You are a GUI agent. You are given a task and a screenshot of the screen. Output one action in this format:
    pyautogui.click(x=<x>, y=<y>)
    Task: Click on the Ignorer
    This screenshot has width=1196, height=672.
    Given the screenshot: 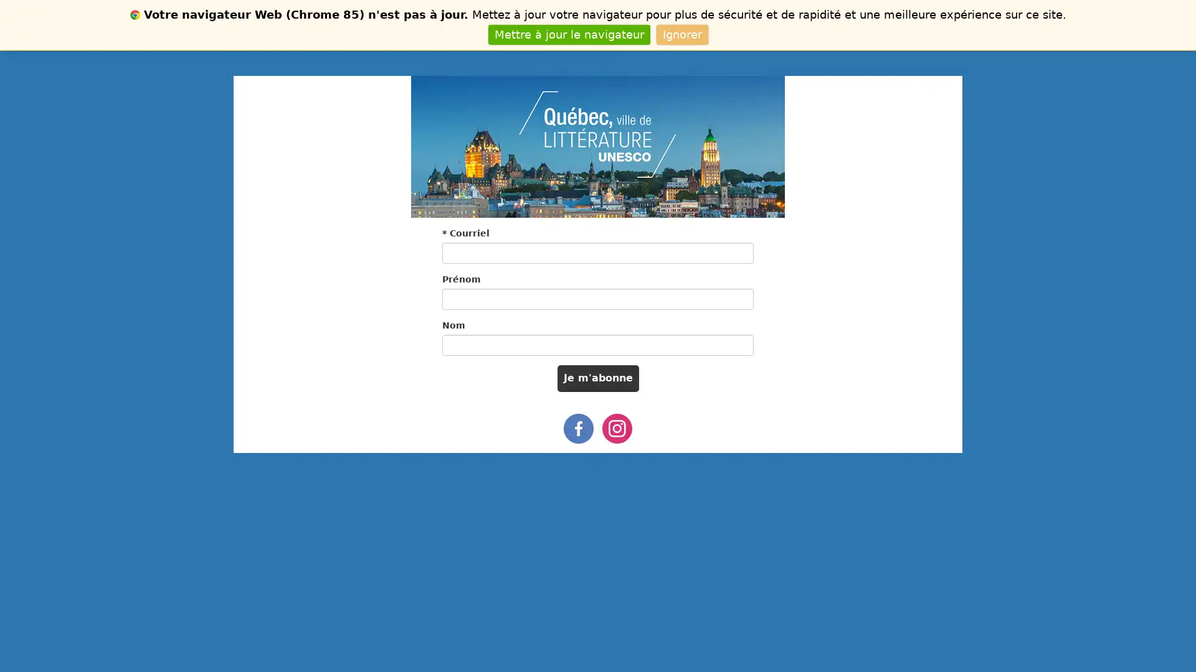 What is the action you would take?
    pyautogui.click(x=681, y=34)
    